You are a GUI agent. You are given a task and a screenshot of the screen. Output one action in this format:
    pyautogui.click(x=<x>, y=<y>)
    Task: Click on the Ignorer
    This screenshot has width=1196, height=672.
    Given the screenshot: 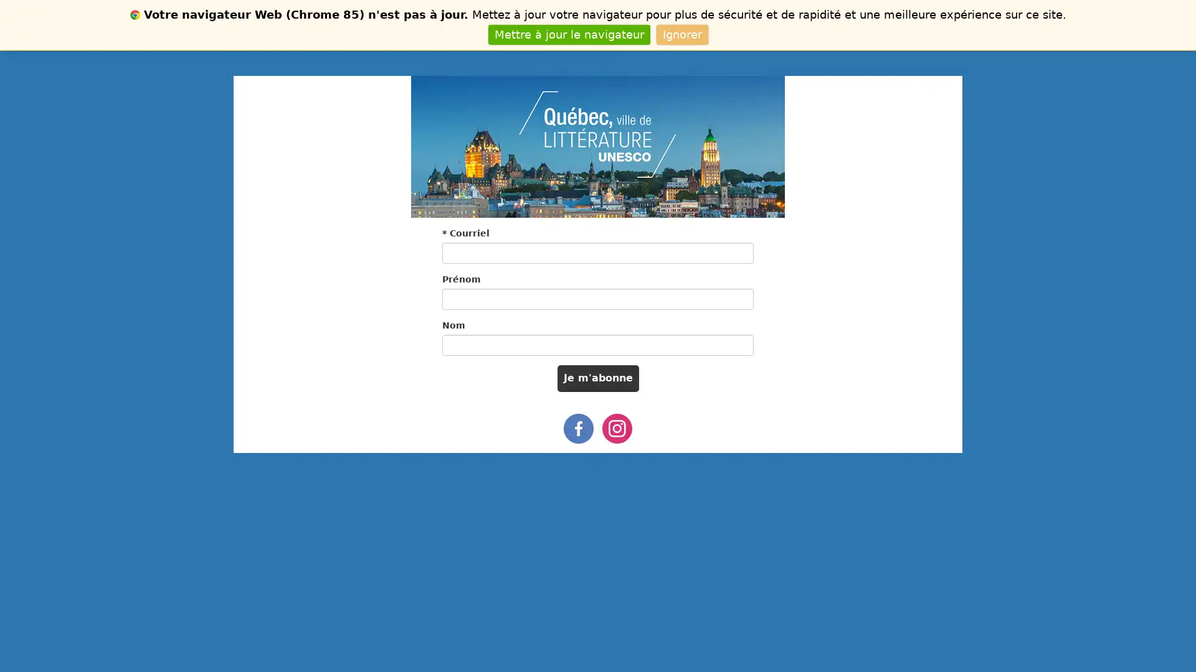 What is the action you would take?
    pyautogui.click(x=681, y=34)
    